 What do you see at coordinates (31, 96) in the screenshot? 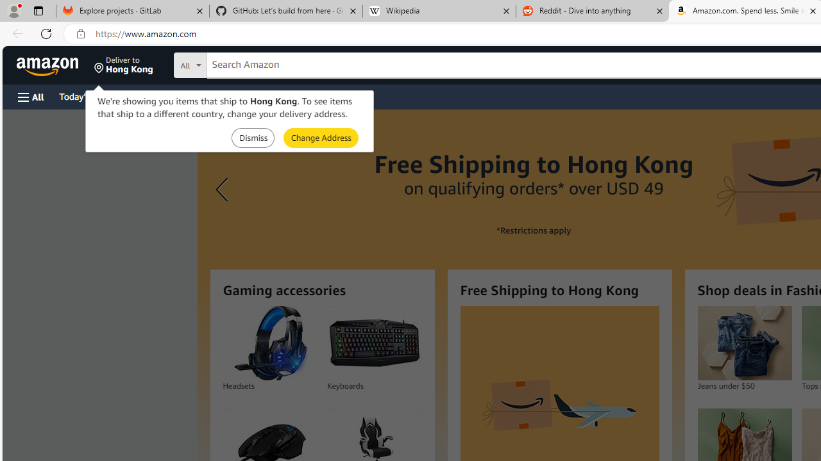
I see `'Open Menu'` at bounding box center [31, 96].